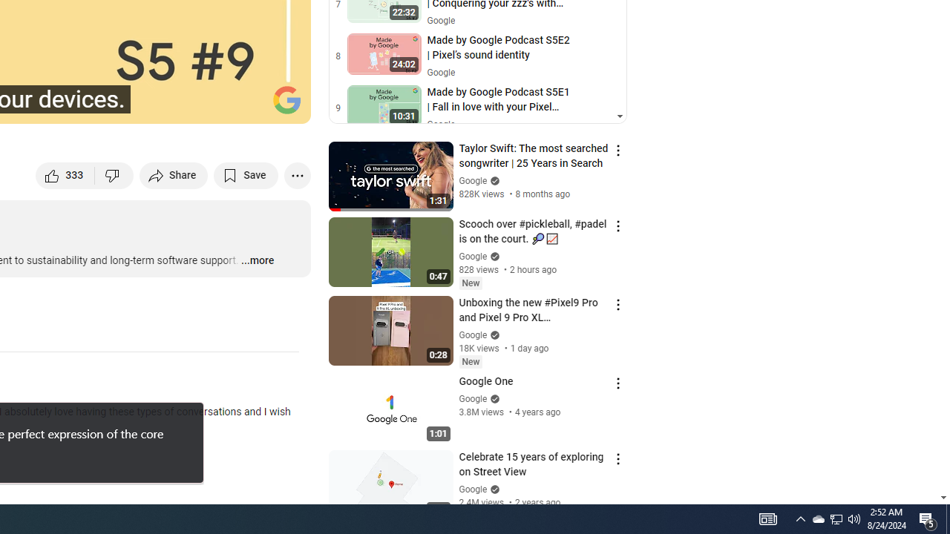 This screenshot has width=950, height=534. Describe the element at coordinates (257, 260) in the screenshot. I see `'...more'` at that location.